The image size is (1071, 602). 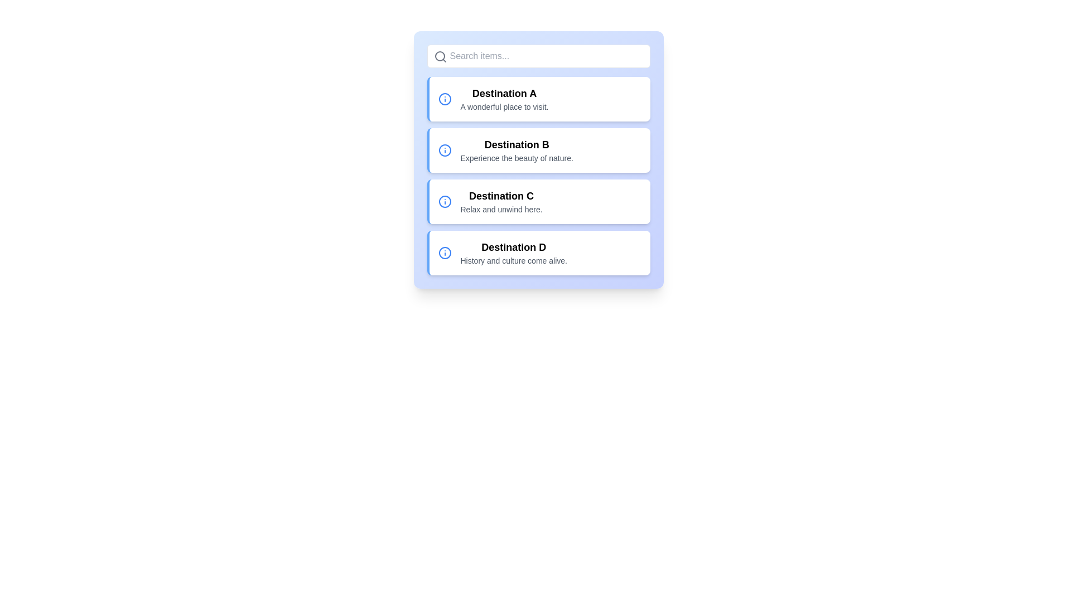 I want to click on the outer SVG circle icon located to the left of the text 'Destination C', so click(x=444, y=202).